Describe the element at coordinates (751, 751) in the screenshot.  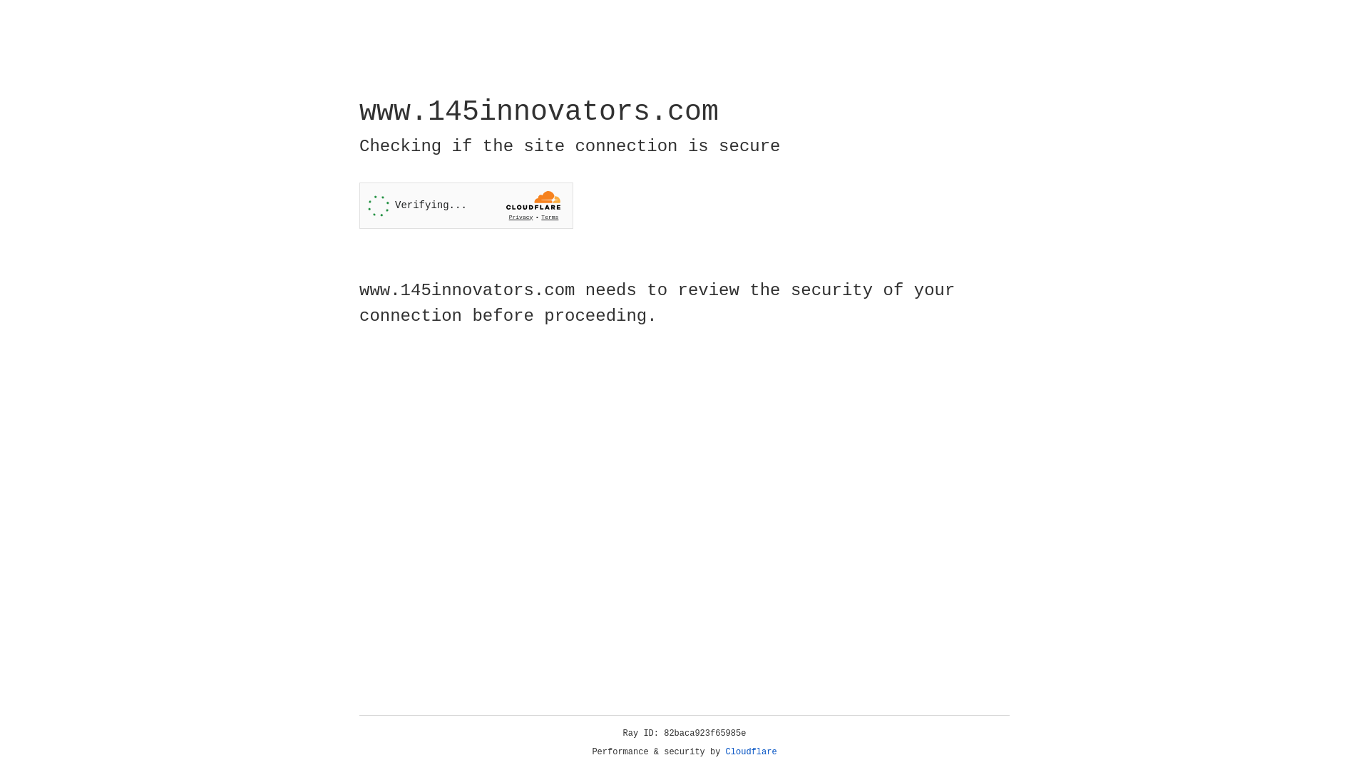
I see `'Cloudflare'` at that location.